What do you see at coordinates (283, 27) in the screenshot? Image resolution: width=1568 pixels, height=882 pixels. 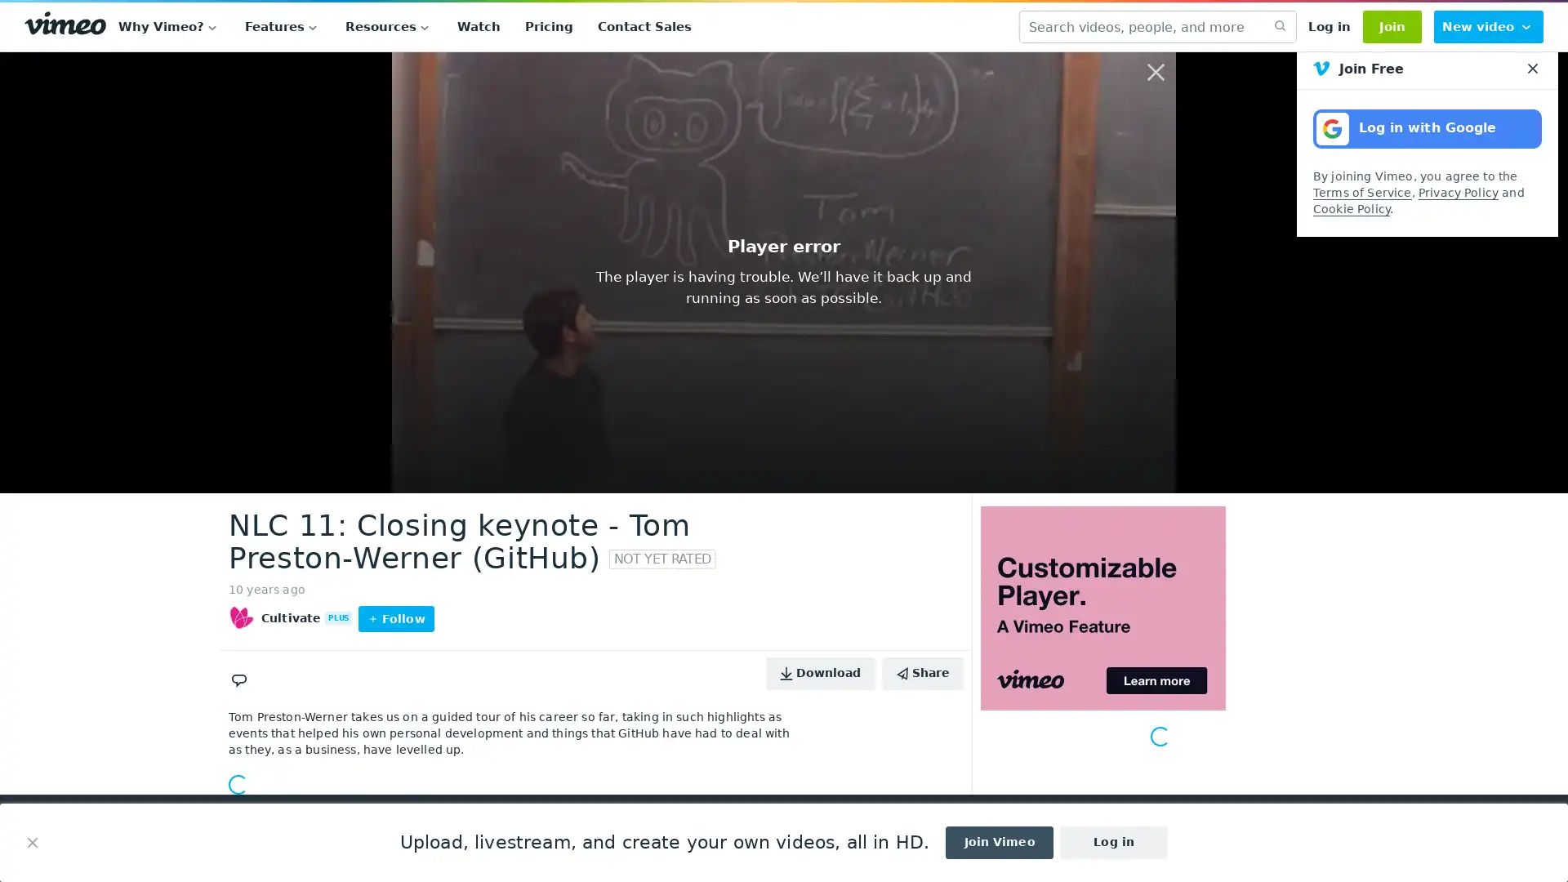 I see `Features` at bounding box center [283, 27].